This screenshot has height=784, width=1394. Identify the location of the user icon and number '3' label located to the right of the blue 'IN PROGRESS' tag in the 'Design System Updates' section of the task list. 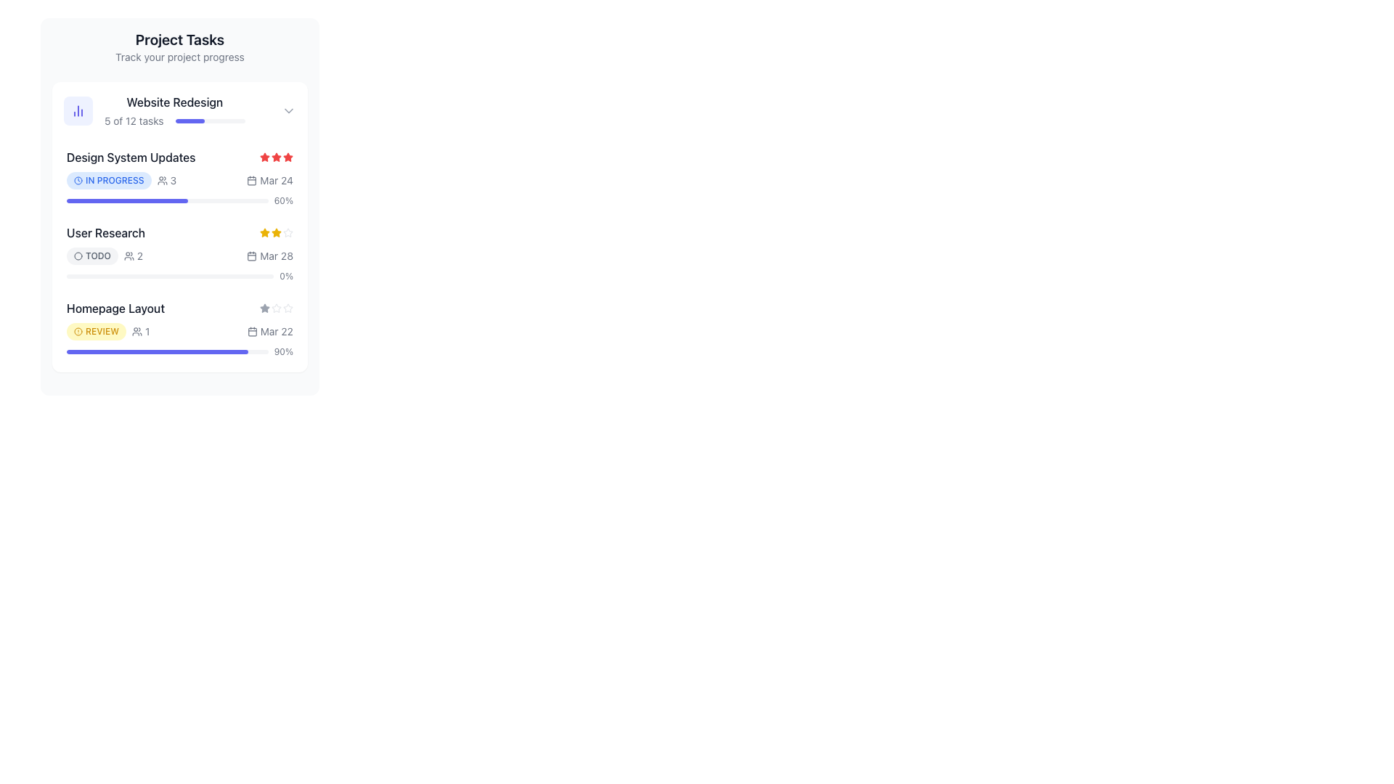
(167, 180).